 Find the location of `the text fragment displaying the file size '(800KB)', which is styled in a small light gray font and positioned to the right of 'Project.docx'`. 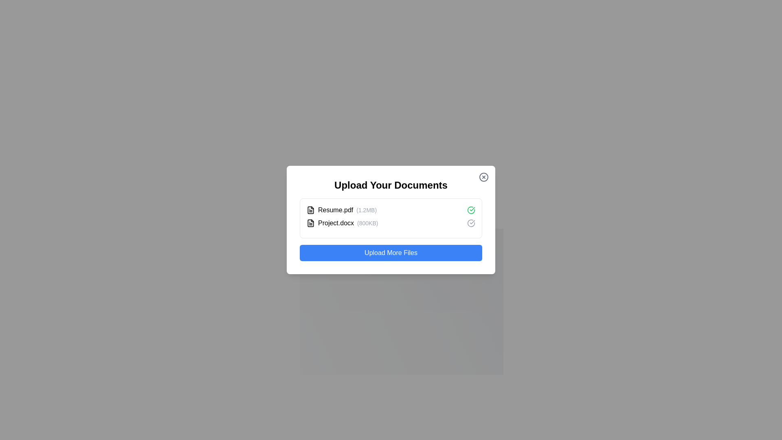

the text fragment displaying the file size '(800KB)', which is styled in a small light gray font and positioned to the right of 'Project.docx' is located at coordinates (367, 223).